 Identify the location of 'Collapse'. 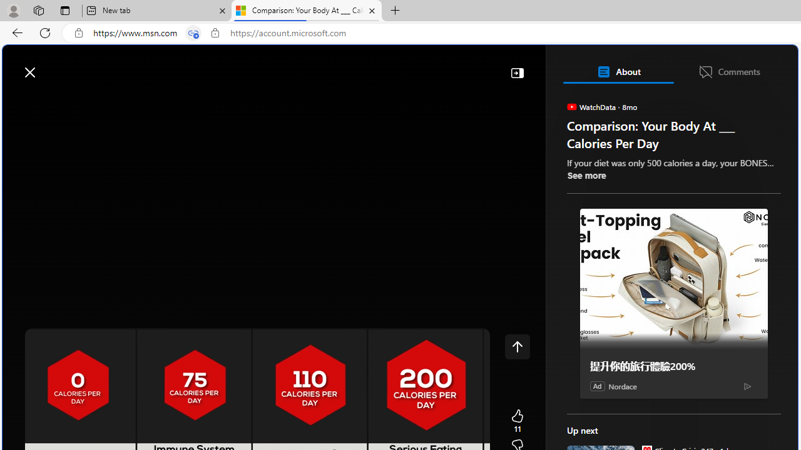
(517, 72).